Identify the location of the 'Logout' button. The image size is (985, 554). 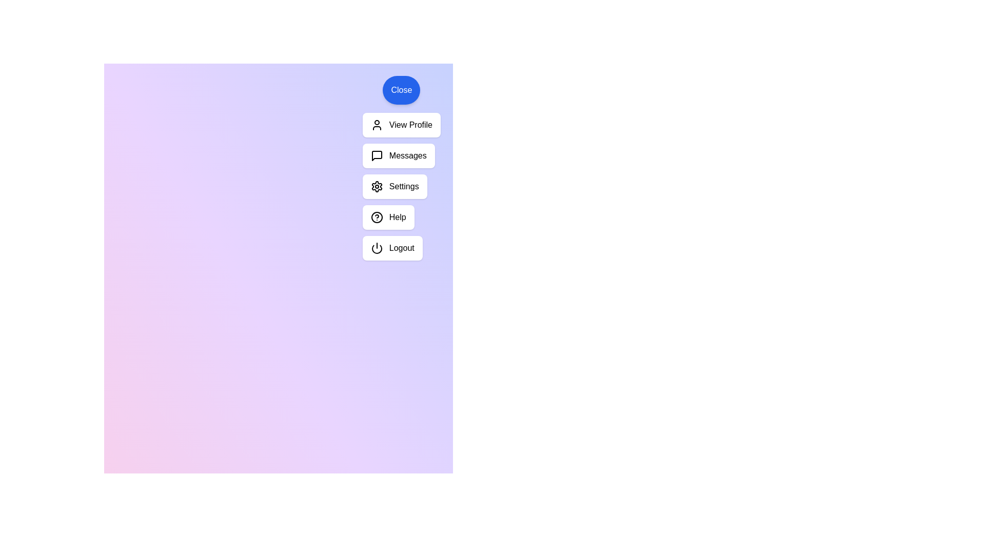
(391, 248).